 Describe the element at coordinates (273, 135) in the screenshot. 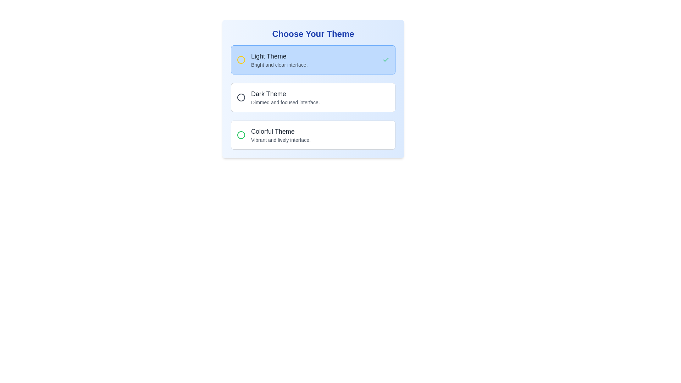

I see `the 'Colorful Theme' option in the theme configuration interface` at that location.